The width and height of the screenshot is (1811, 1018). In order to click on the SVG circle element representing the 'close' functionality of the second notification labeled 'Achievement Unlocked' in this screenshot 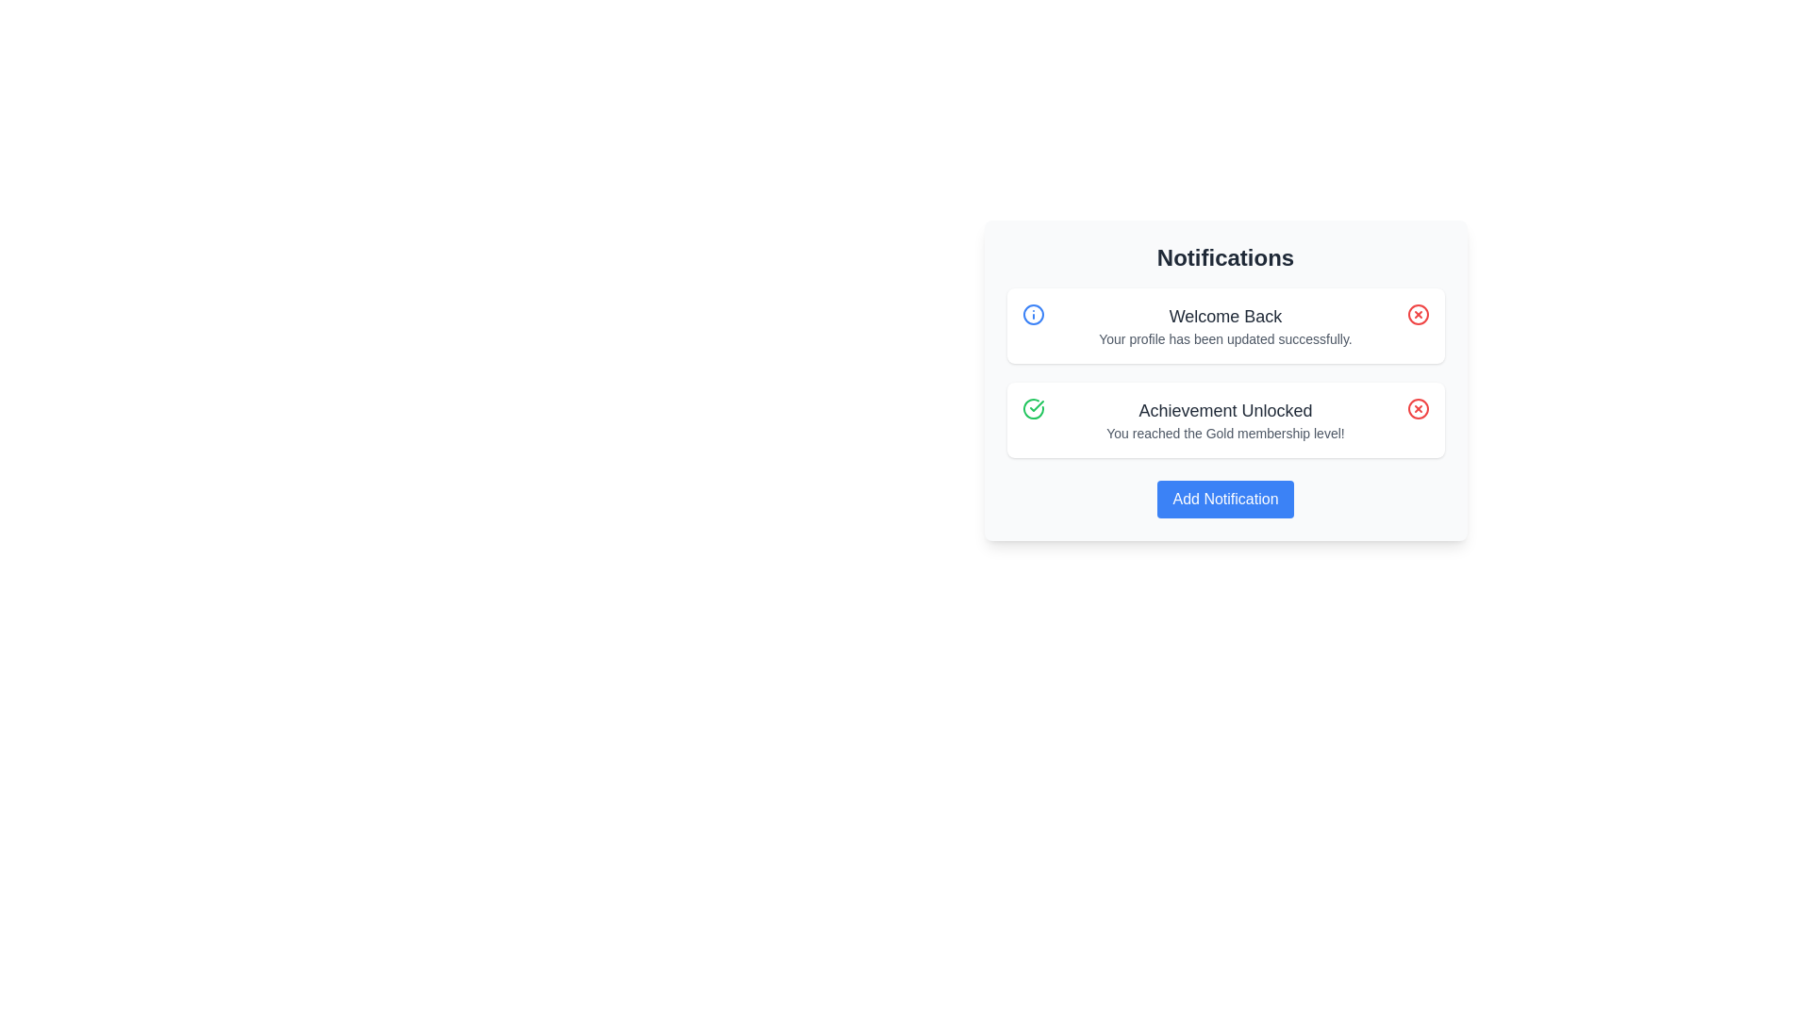, I will do `click(1418, 408)`.